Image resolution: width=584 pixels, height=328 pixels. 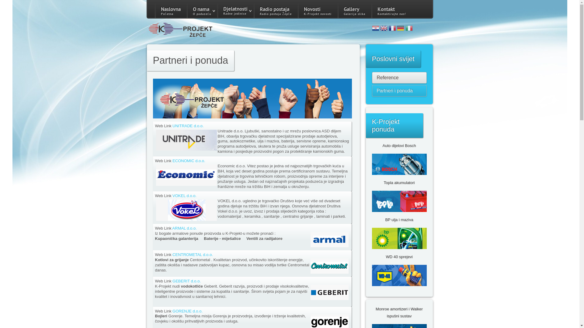 I want to click on 'VOKEL d.o.o.', so click(x=184, y=196).